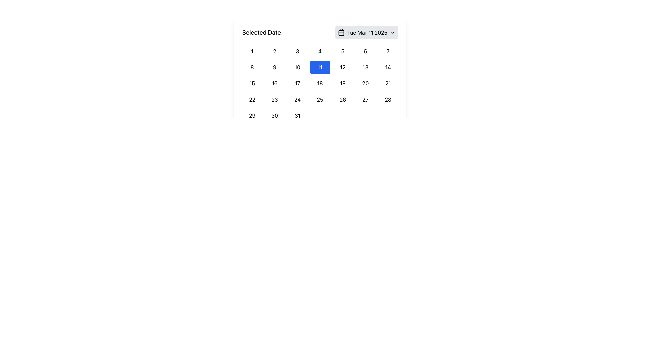 Image resolution: width=645 pixels, height=362 pixels. What do you see at coordinates (252, 83) in the screenshot?
I see `the Text Button representing a date in the first column of the fourth row under the 'Selected Date' heading` at bounding box center [252, 83].